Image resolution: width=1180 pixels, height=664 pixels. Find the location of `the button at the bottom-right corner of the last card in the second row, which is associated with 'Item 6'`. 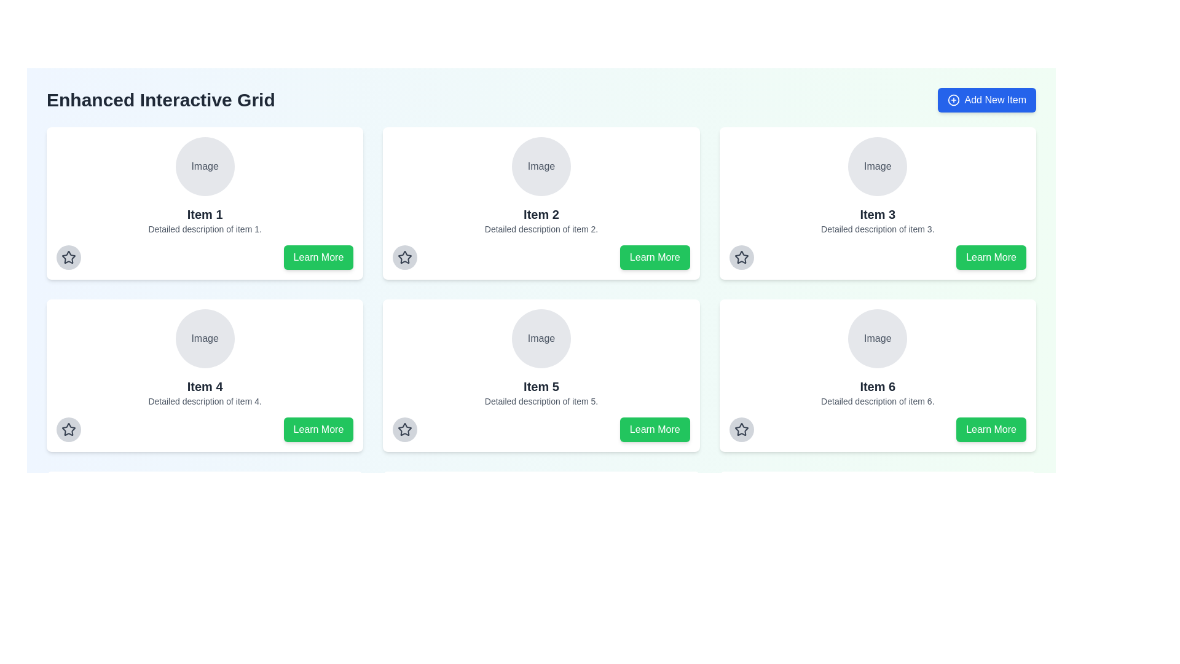

the button at the bottom-right corner of the last card in the second row, which is associated with 'Item 6' is located at coordinates (991, 429).